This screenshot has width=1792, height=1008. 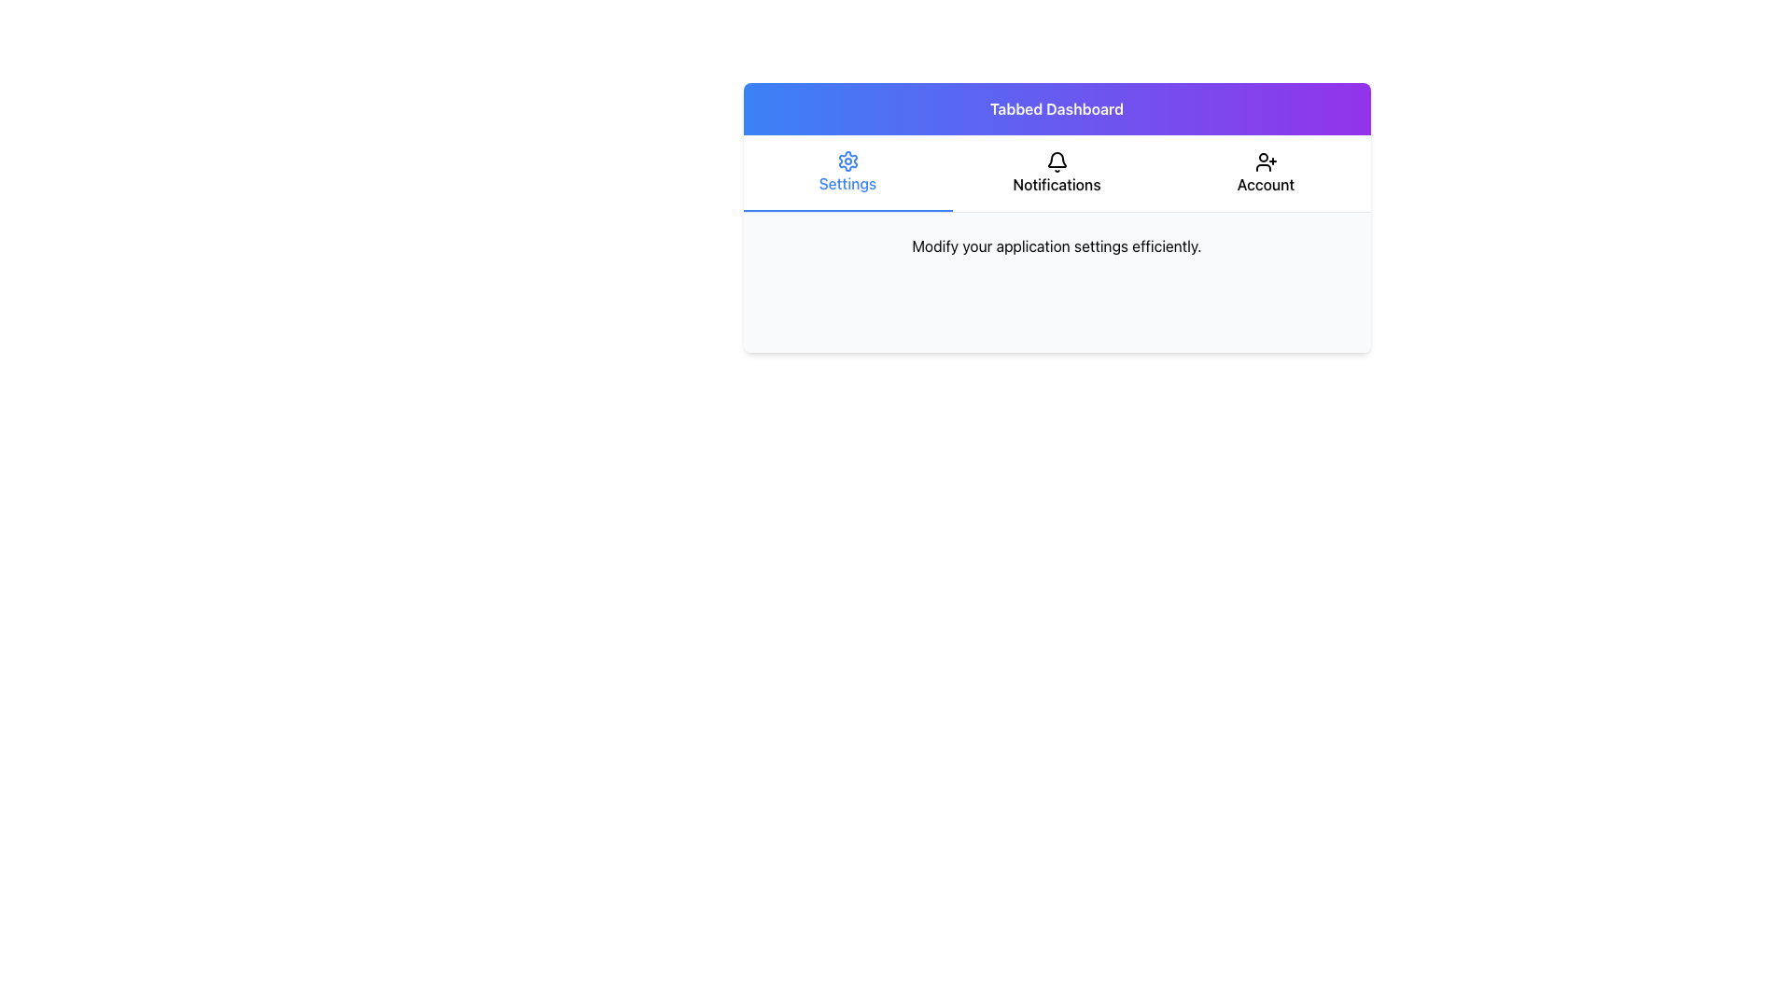 What do you see at coordinates (1057, 161) in the screenshot?
I see `the notification bell icon located in the Notifications tab` at bounding box center [1057, 161].